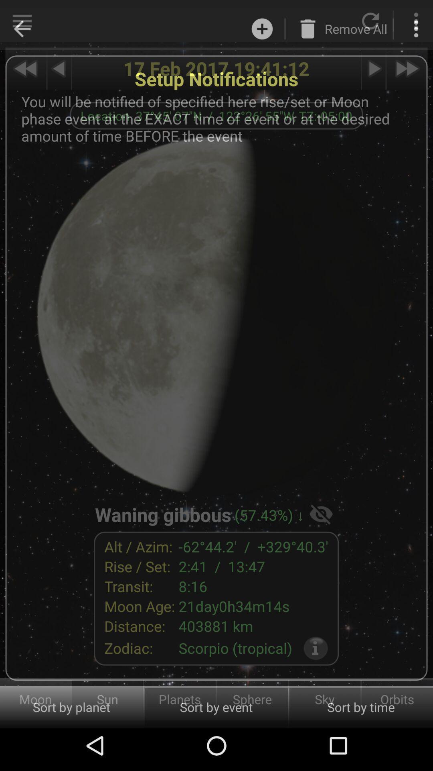  I want to click on the more icon, so click(415, 21).